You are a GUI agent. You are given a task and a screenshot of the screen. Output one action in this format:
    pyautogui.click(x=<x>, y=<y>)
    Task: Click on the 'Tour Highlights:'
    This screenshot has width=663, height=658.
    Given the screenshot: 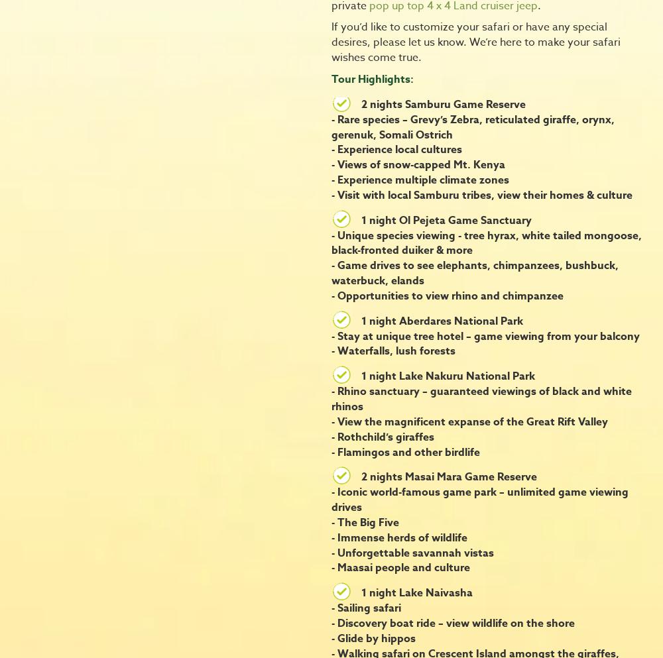 What is the action you would take?
    pyautogui.click(x=373, y=78)
    